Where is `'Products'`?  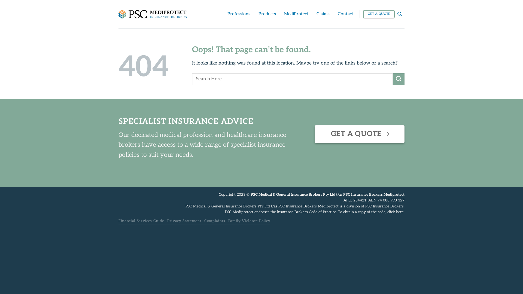
'Products' is located at coordinates (267, 14).